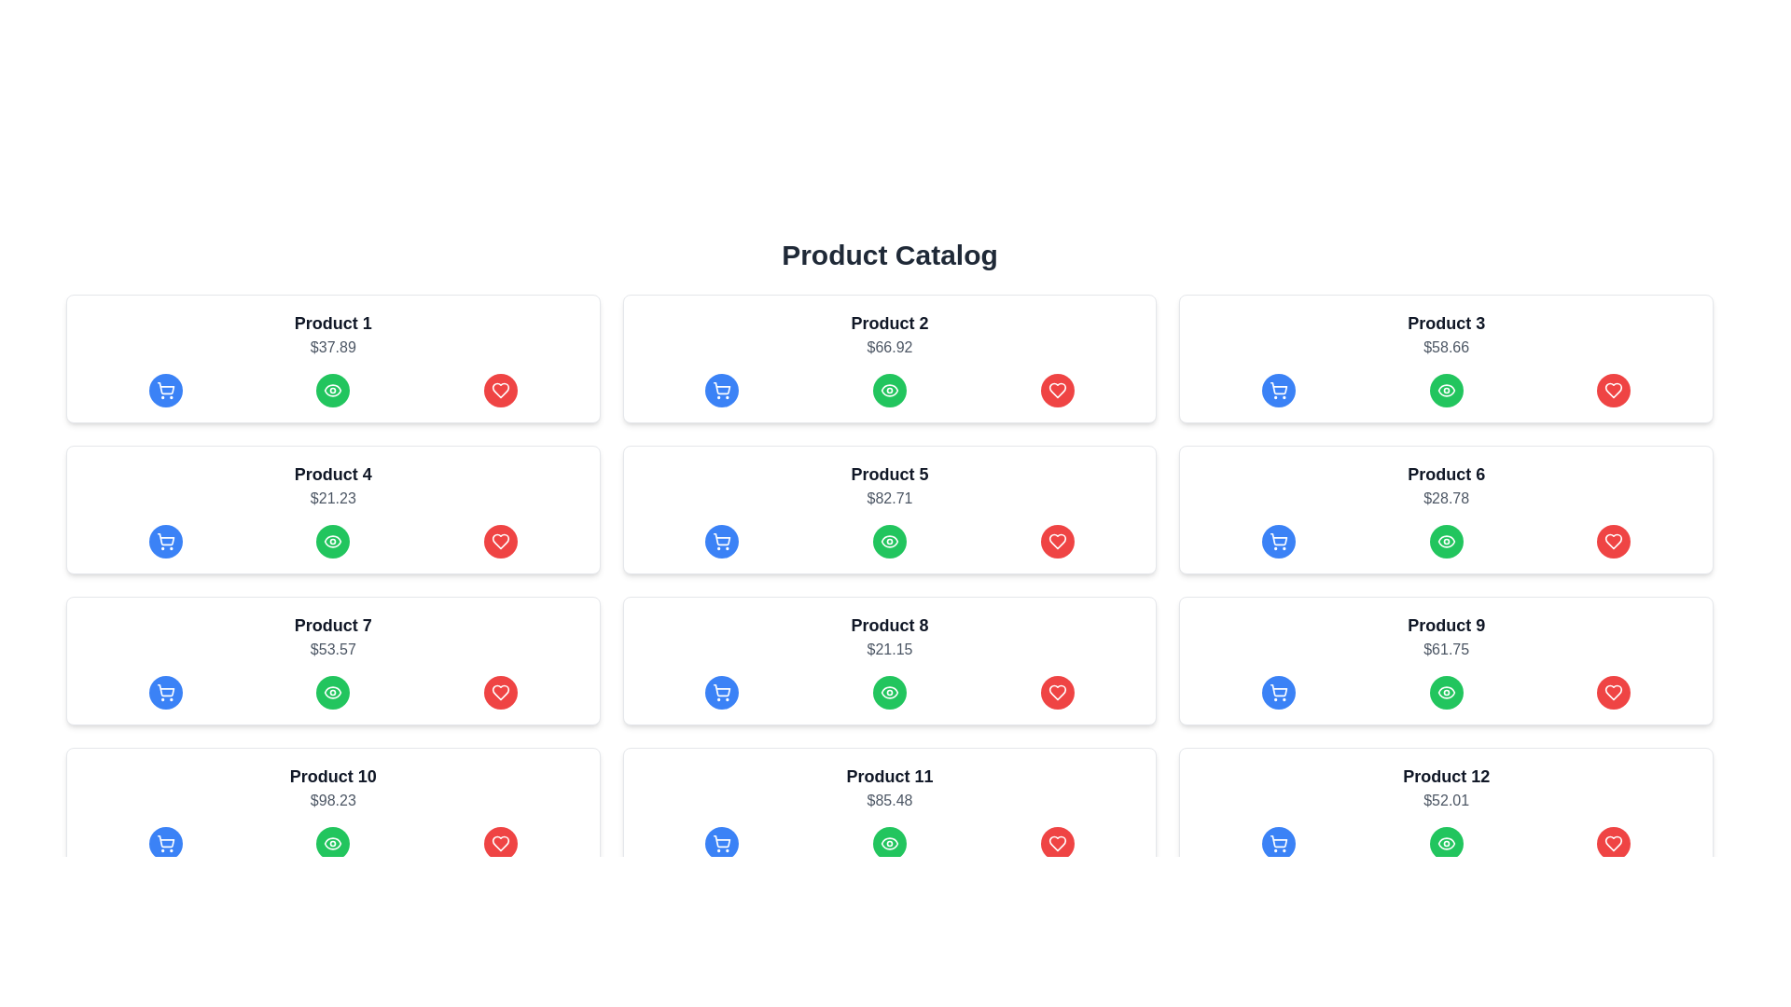  Describe the element at coordinates (889, 542) in the screenshot. I see `the circular green button with a white eye icon in the interactive control group of 'Product 5'` at that location.